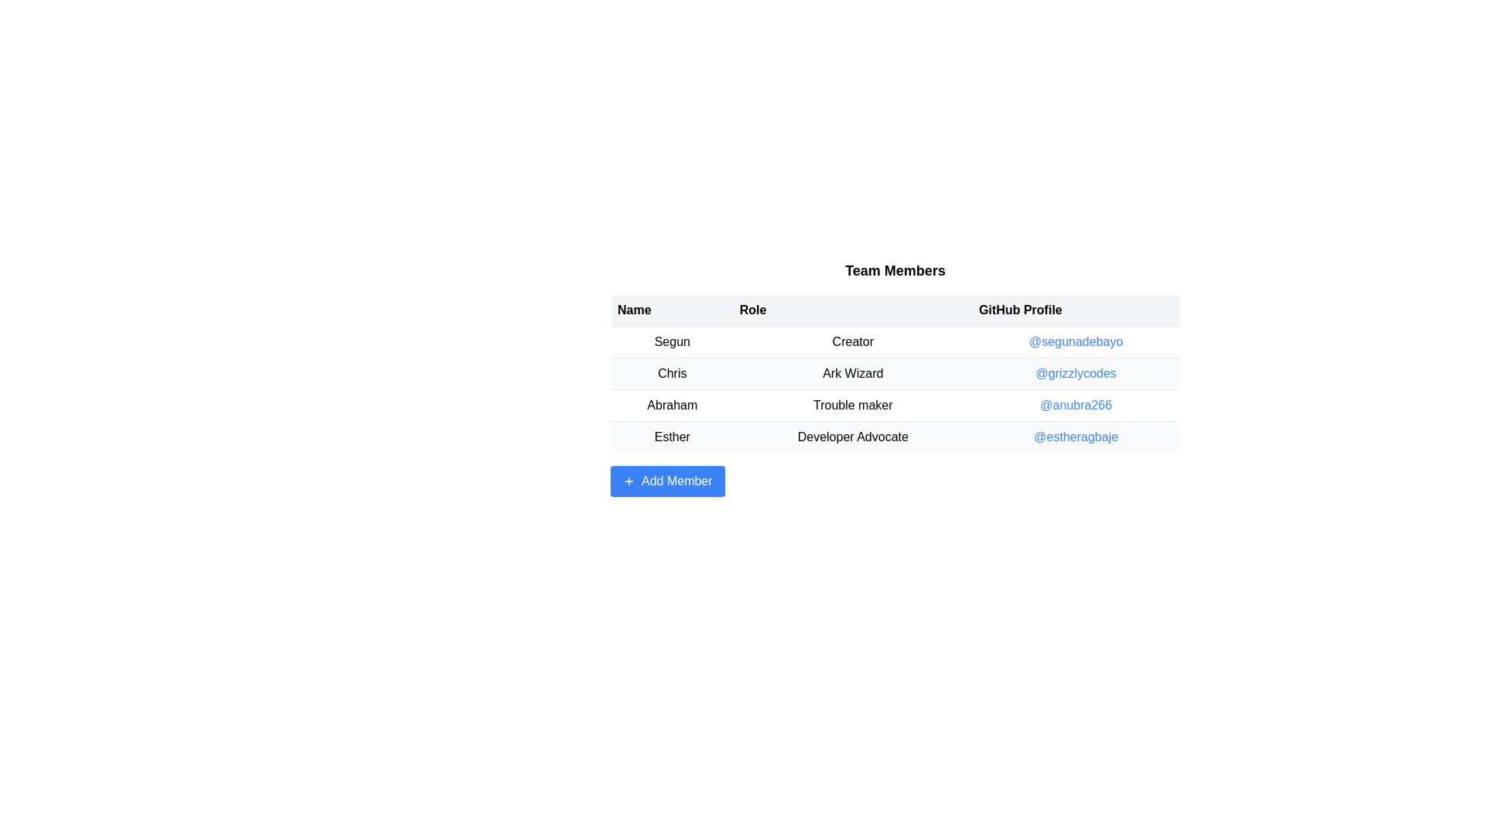 The height and width of the screenshot is (836, 1486). Describe the element at coordinates (1075, 436) in the screenshot. I see `the hyperlink that redirects users to a GitHub profile, located` at that location.